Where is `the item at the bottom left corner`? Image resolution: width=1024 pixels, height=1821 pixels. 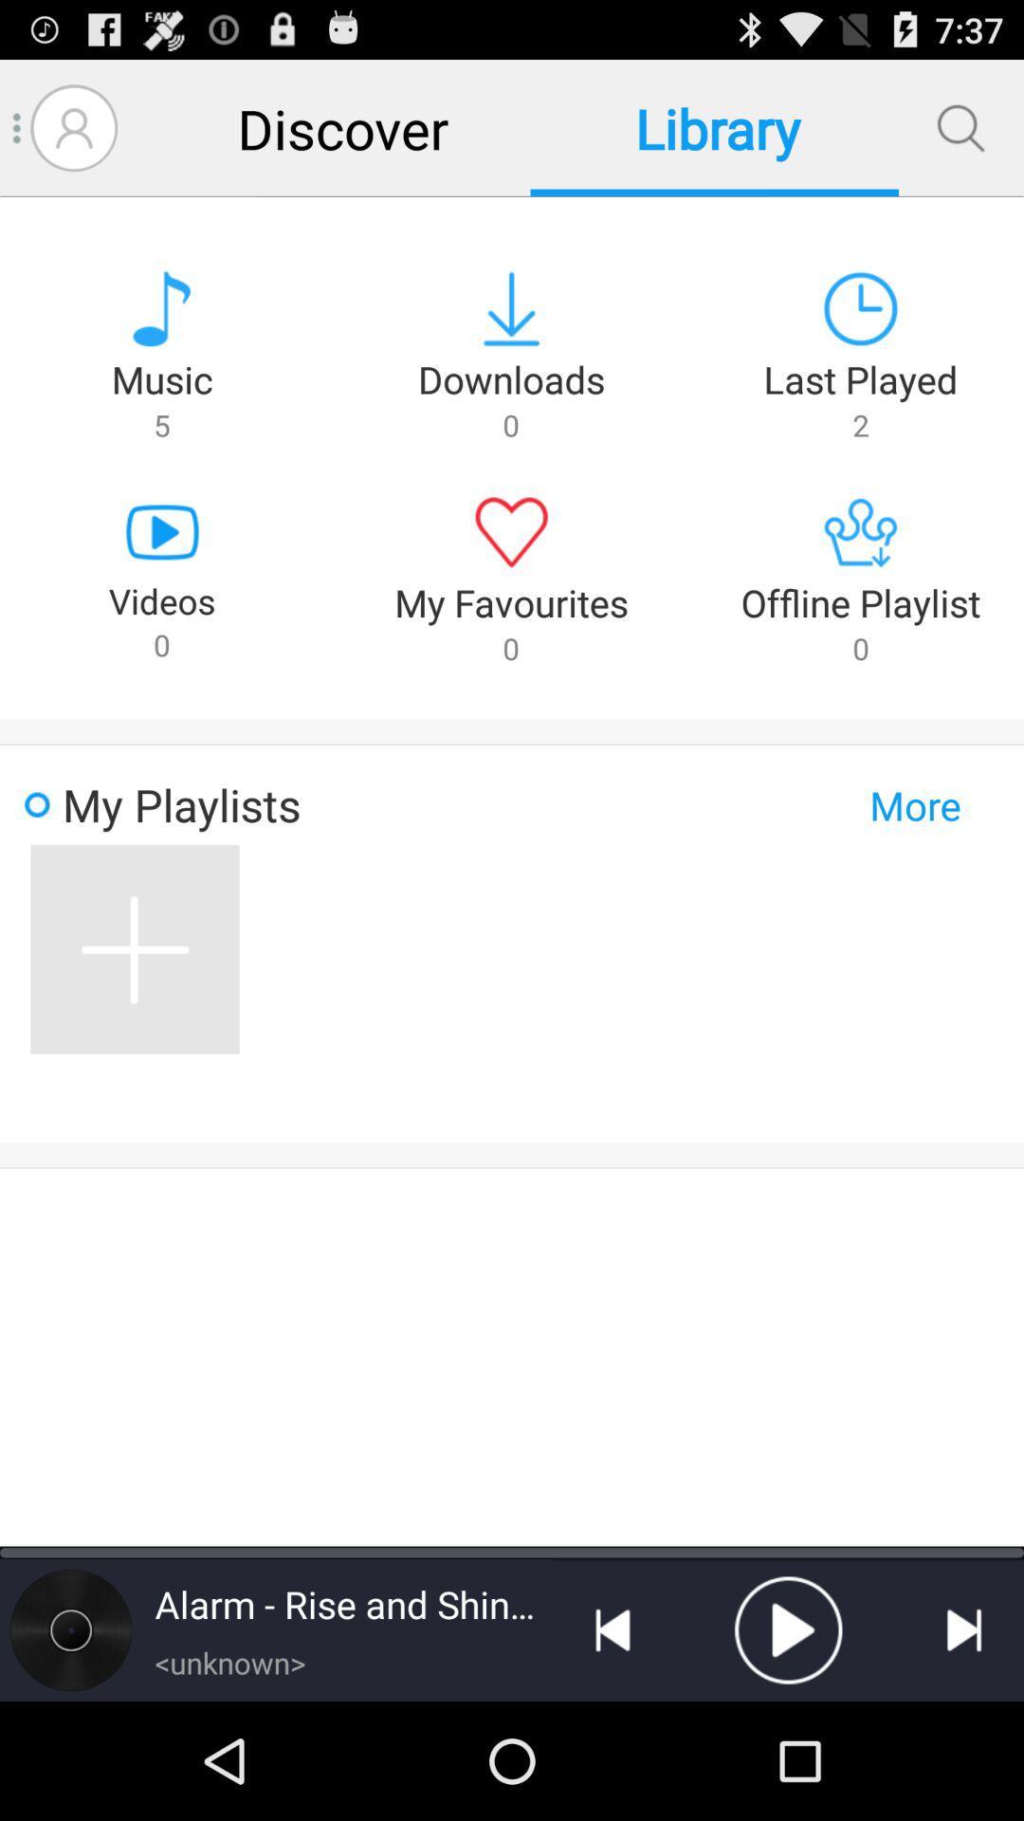 the item at the bottom left corner is located at coordinates (69, 1628).